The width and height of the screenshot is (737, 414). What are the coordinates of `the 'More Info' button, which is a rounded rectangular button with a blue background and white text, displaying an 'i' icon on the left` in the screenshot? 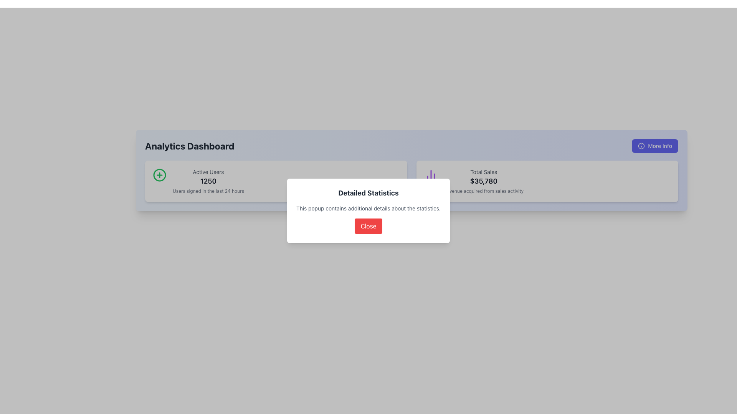 It's located at (654, 146).